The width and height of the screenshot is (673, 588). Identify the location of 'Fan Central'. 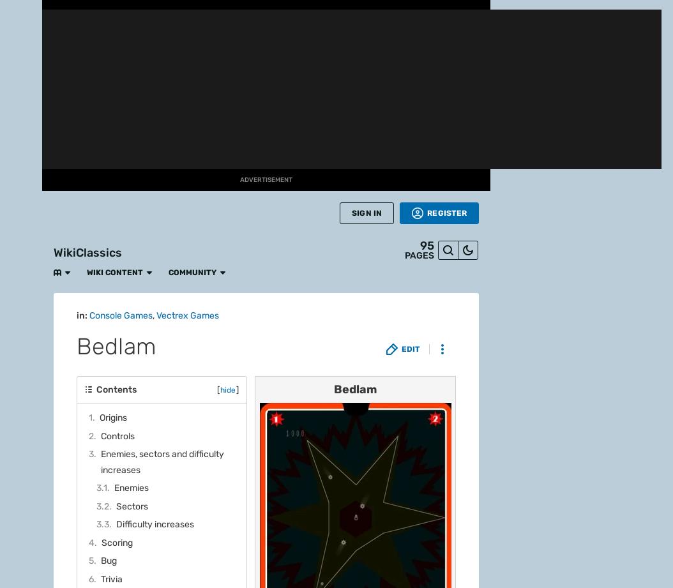
(20, 122).